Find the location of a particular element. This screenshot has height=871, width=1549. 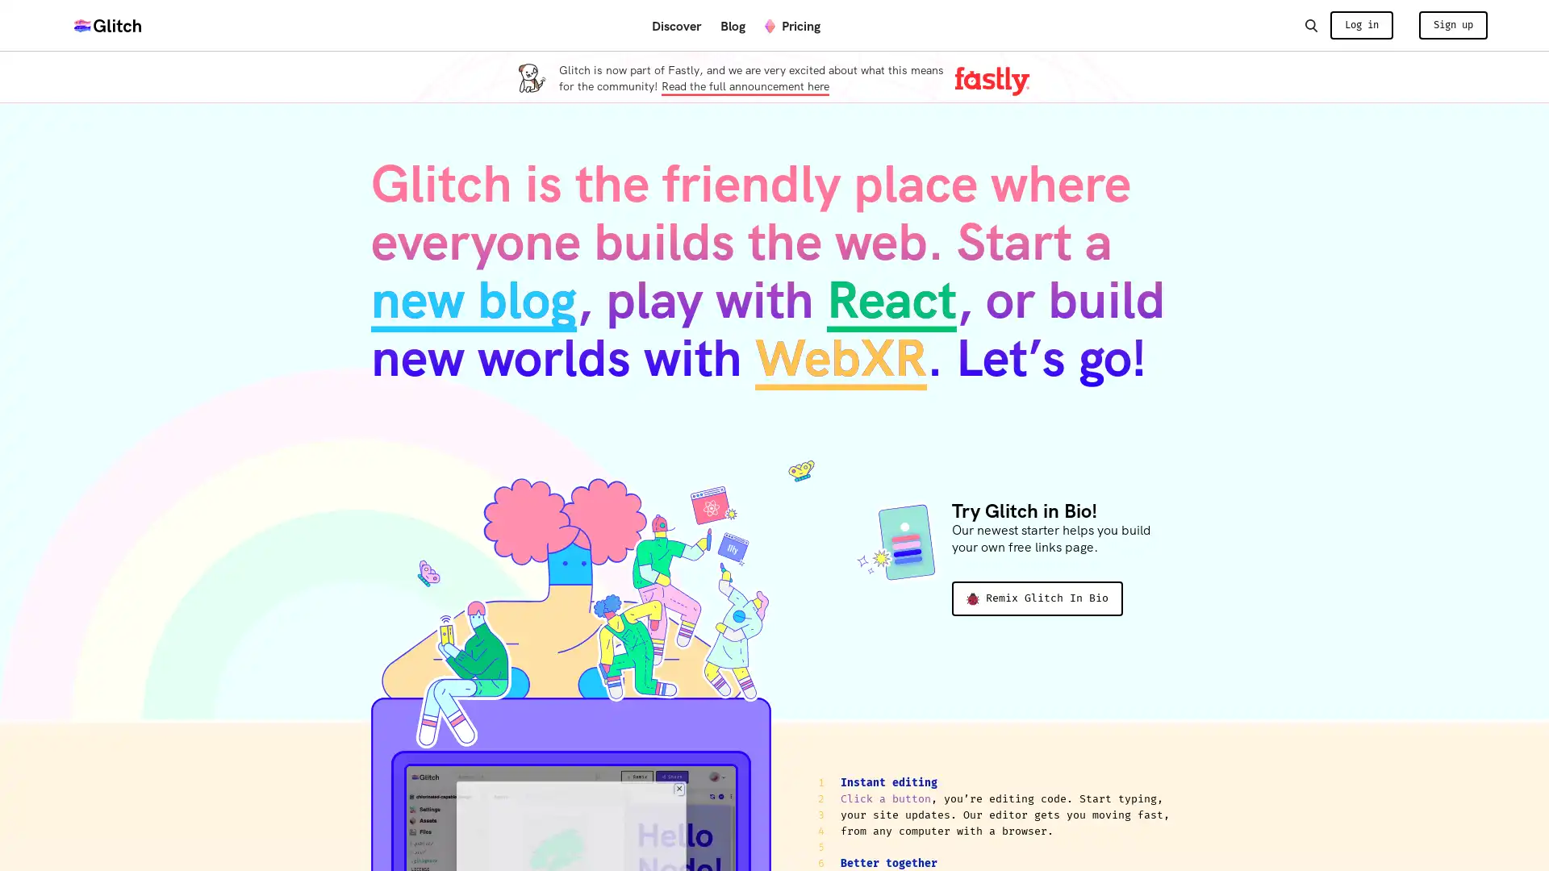

Search Glitch is located at coordinates (1310, 24).